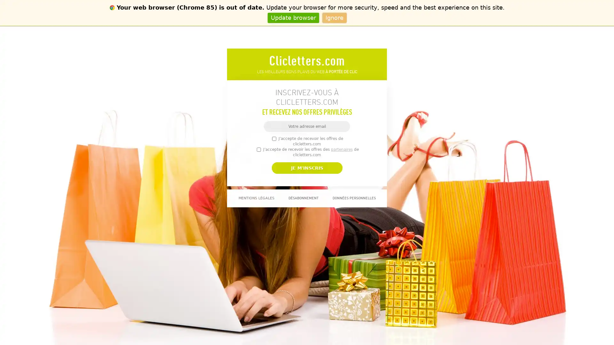 The width and height of the screenshot is (614, 345). I want to click on Je m'inscris, so click(306, 167).